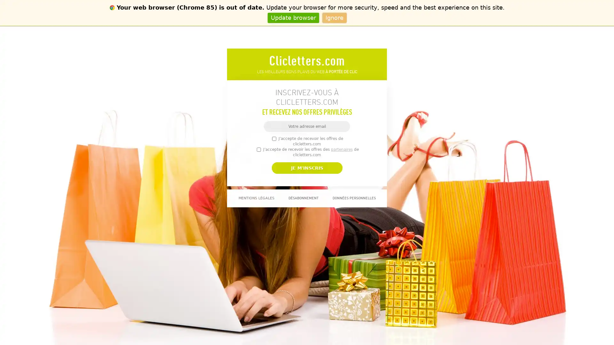 The width and height of the screenshot is (614, 345). I want to click on Je m'inscris, so click(306, 167).